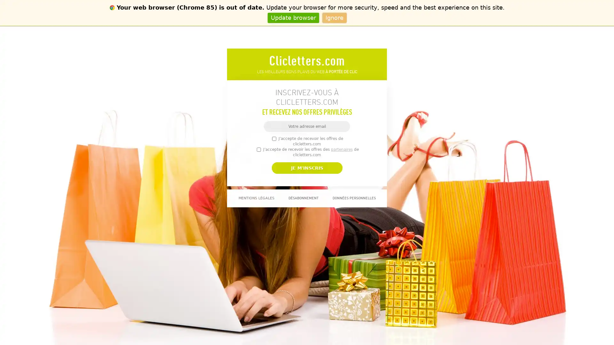 The width and height of the screenshot is (614, 345). I want to click on Je m'inscris, so click(306, 167).